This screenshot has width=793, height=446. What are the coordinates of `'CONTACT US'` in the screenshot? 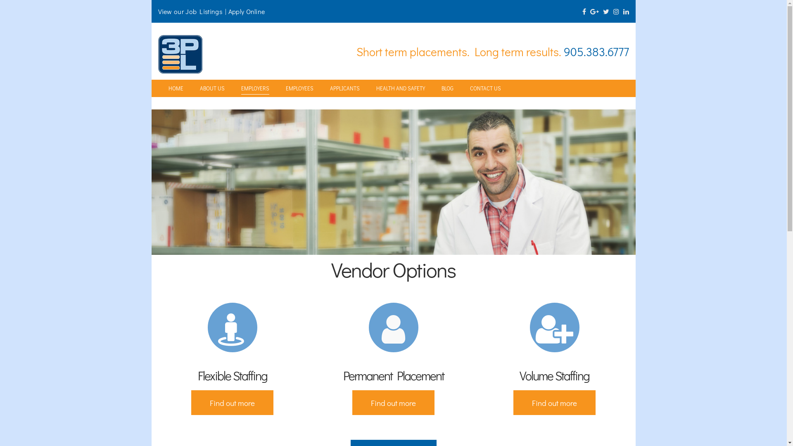 It's located at (485, 88).